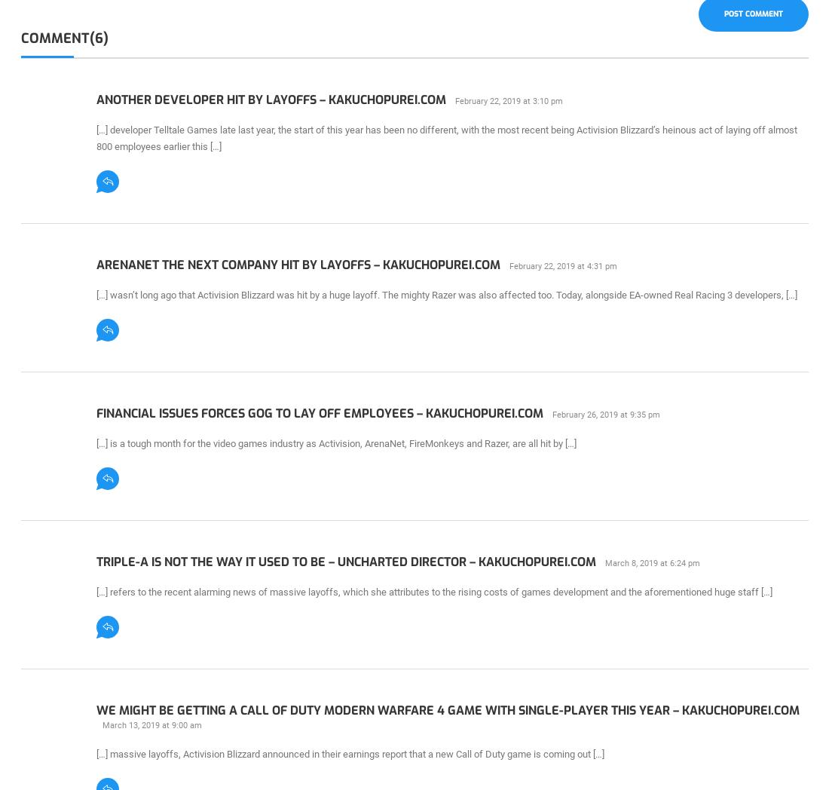  Describe the element at coordinates (96, 98) in the screenshot. I see `'Another Developer Hit By Layoffs – KAKUCHOPUREI.COM'` at that location.